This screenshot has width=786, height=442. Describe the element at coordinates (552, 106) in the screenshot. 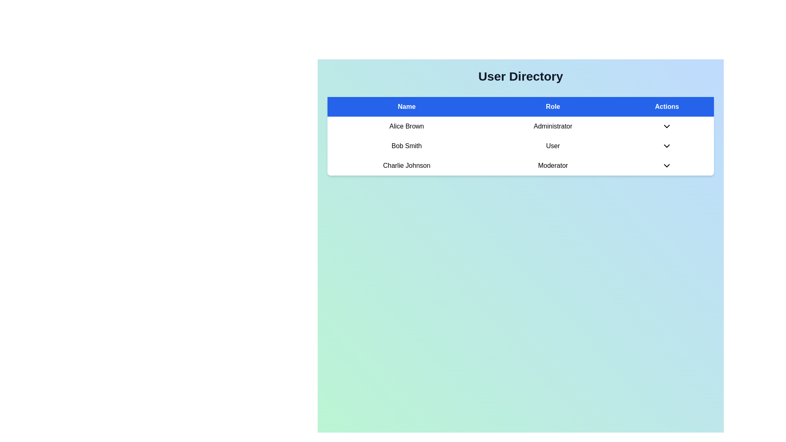

I see `the 'Role' header element in the table, which is positioned between the 'Name' header and the 'Actions' header` at that location.